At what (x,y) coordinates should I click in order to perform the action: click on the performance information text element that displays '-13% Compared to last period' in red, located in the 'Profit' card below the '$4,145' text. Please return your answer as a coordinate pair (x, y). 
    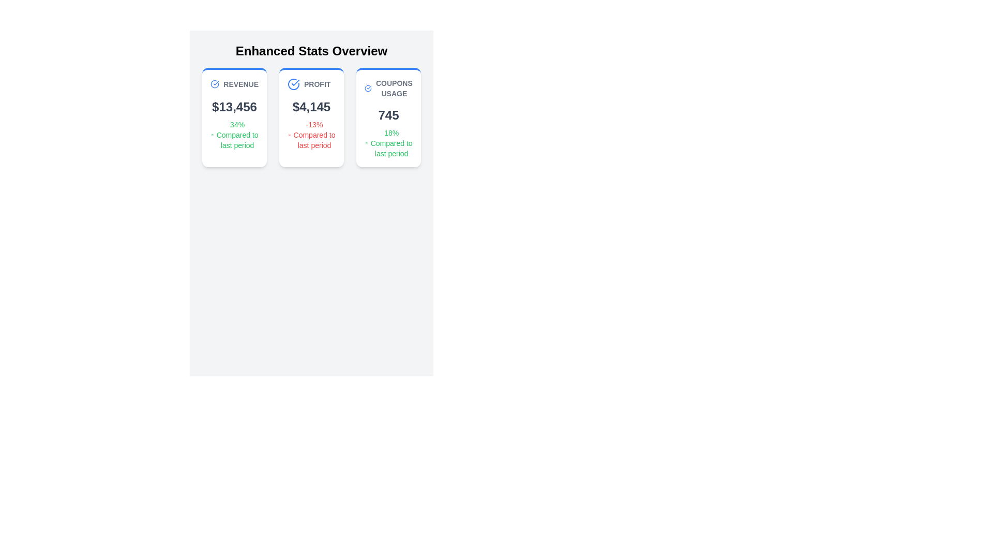
    Looking at the image, I should click on (311, 135).